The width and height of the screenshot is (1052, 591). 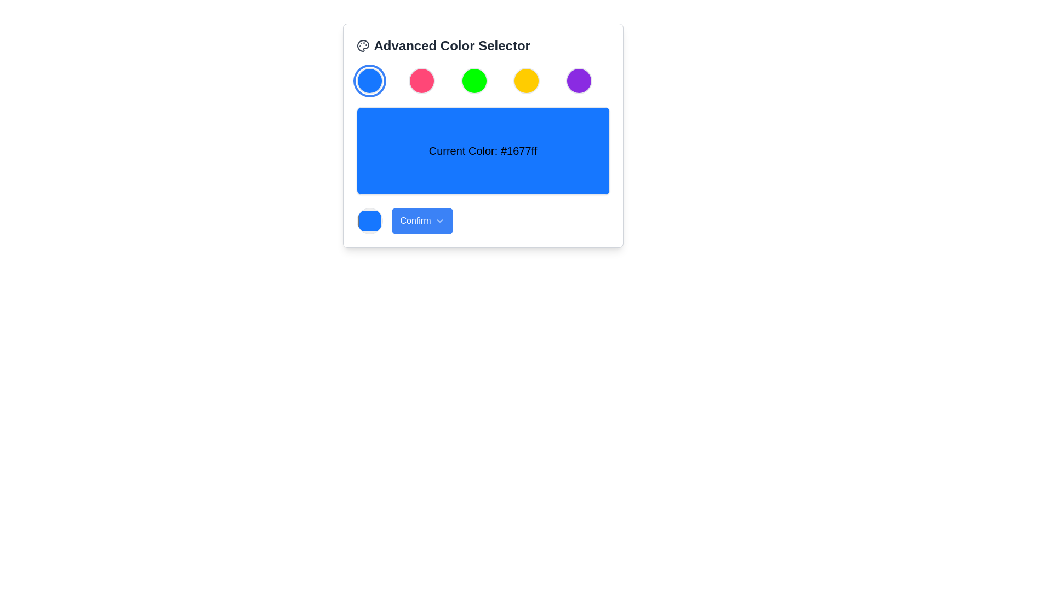 What do you see at coordinates (452, 45) in the screenshot?
I see `the header label for the color selection widget, which is positioned at the top of the widget and aligned next to a small icon` at bounding box center [452, 45].